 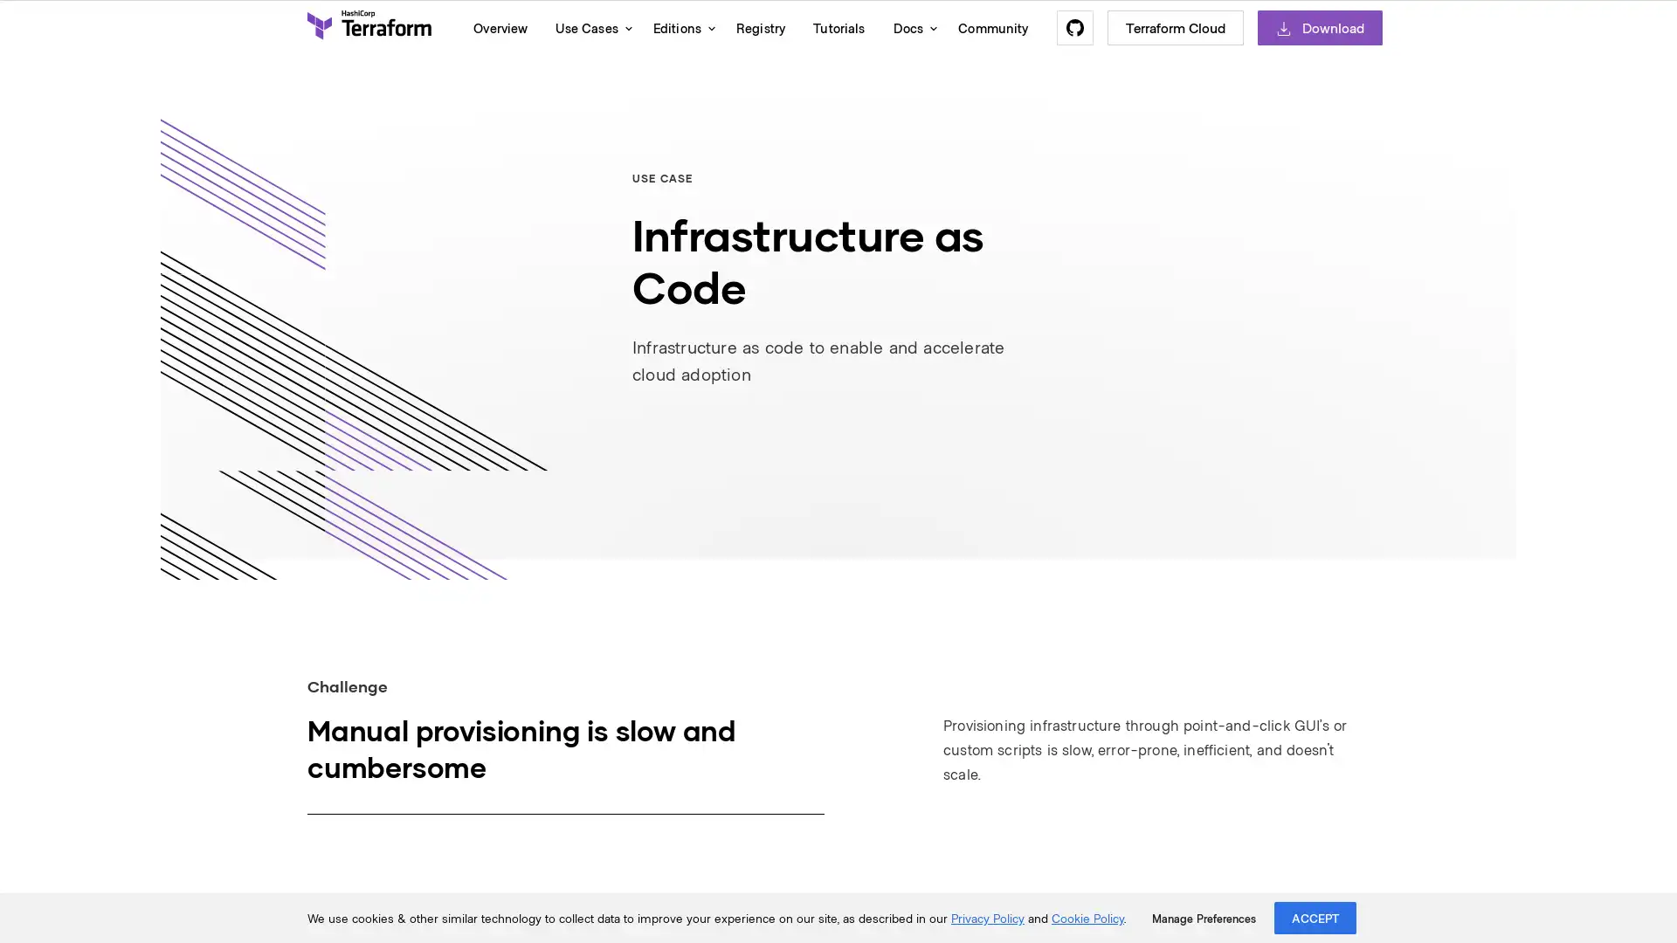 I want to click on Editions, so click(x=679, y=27).